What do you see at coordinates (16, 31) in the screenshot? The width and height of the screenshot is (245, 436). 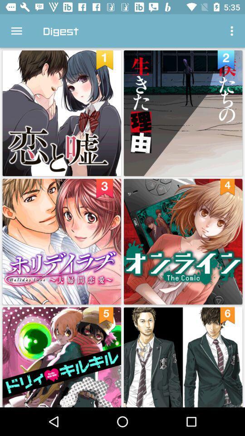 I see `the icon next to digest` at bounding box center [16, 31].